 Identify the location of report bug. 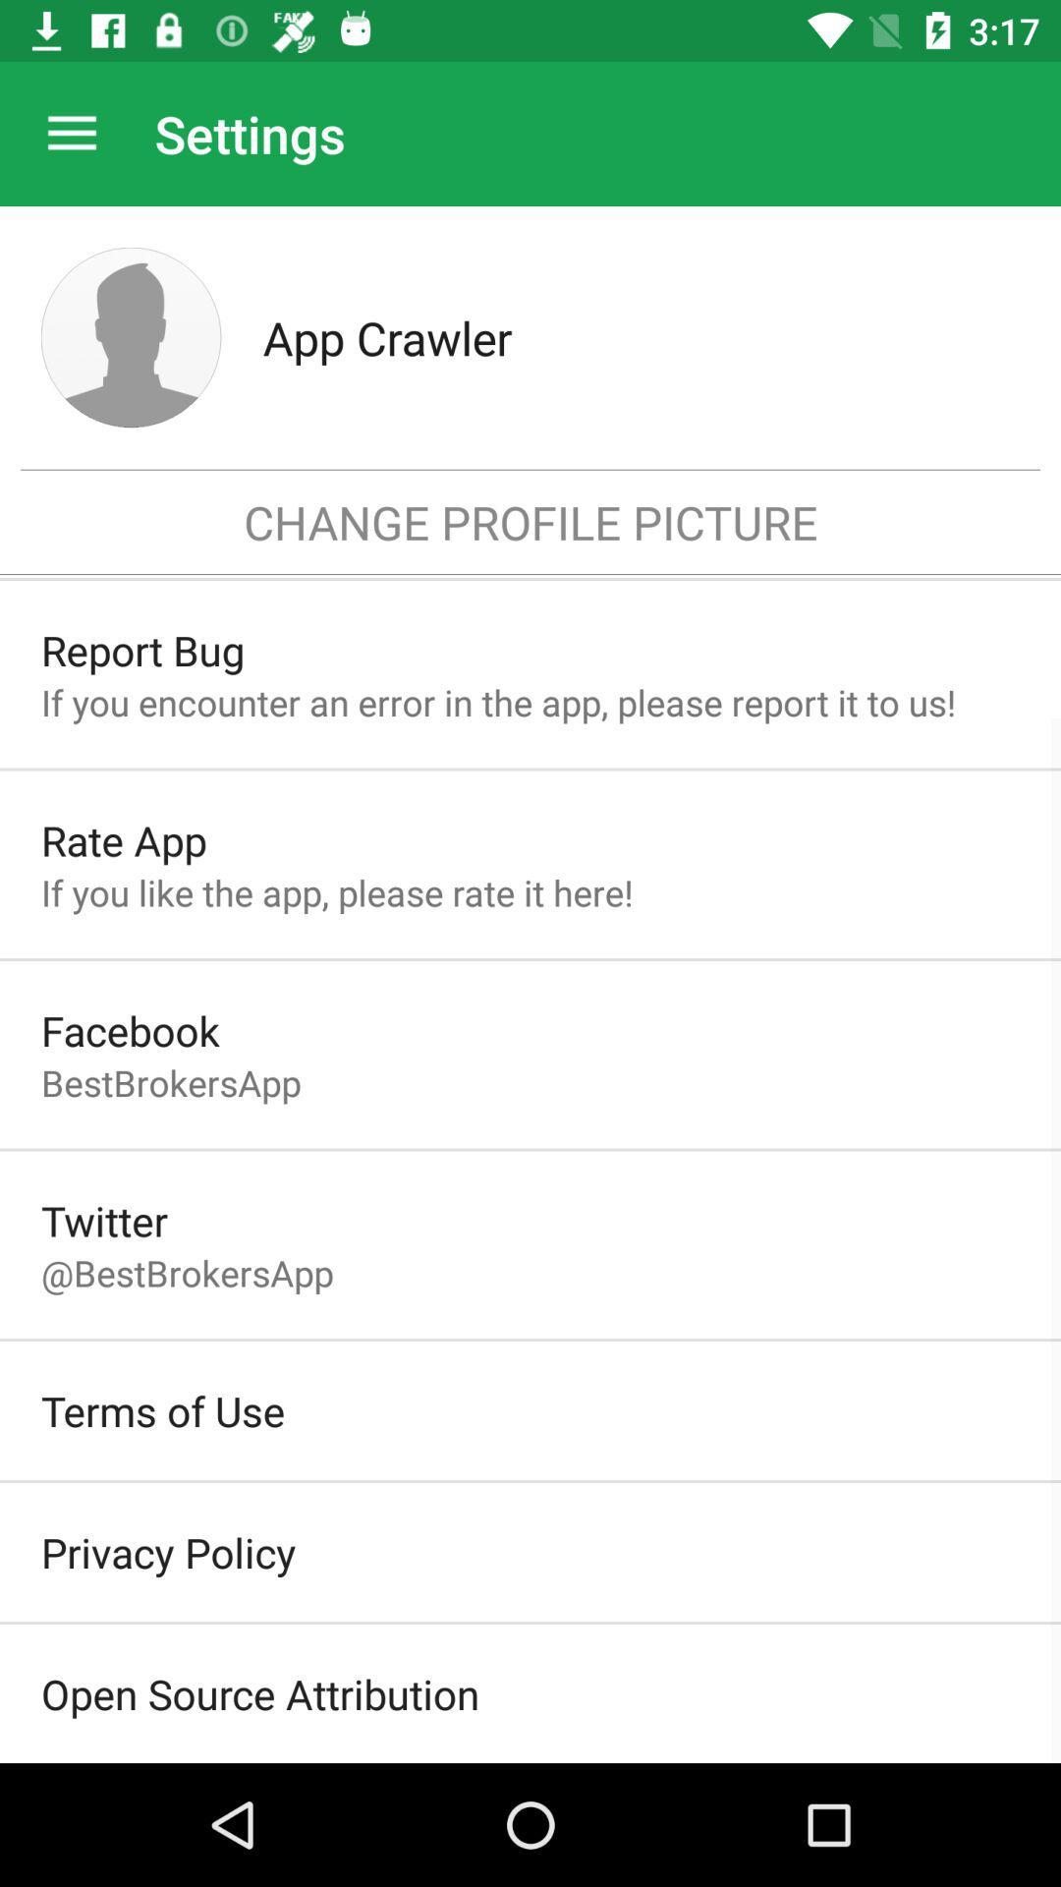
(141, 650).